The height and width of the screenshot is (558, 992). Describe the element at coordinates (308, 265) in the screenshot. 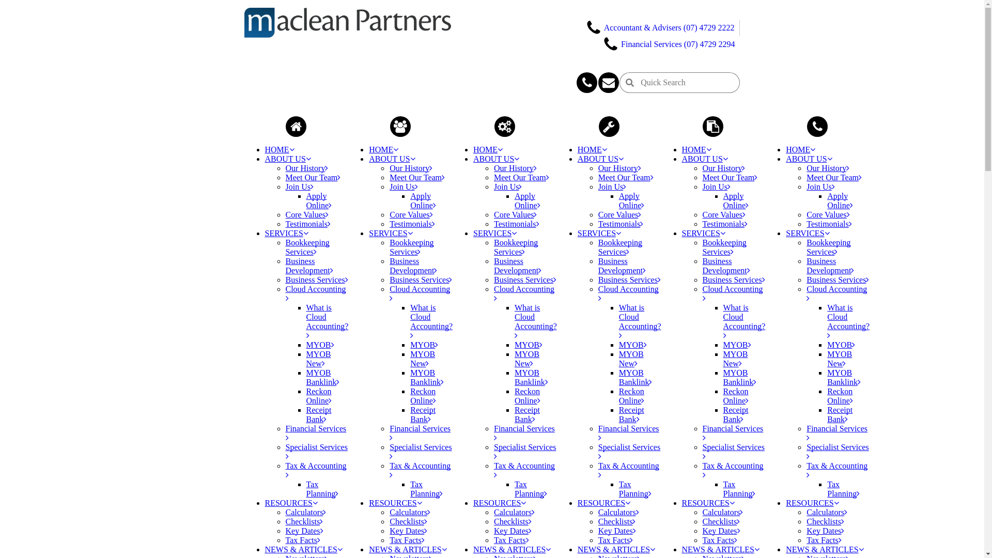

I see `'Business Development'` at that location.